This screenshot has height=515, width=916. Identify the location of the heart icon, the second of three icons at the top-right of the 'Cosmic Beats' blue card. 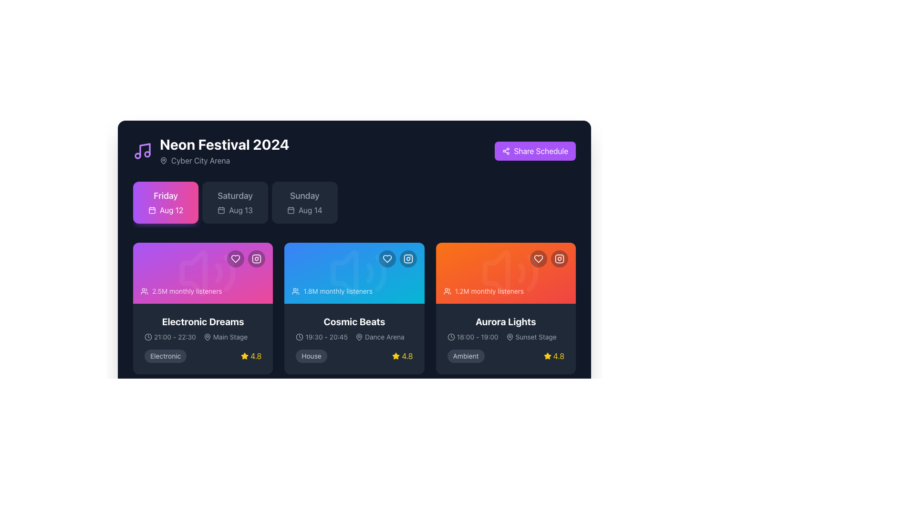
(387, 259).